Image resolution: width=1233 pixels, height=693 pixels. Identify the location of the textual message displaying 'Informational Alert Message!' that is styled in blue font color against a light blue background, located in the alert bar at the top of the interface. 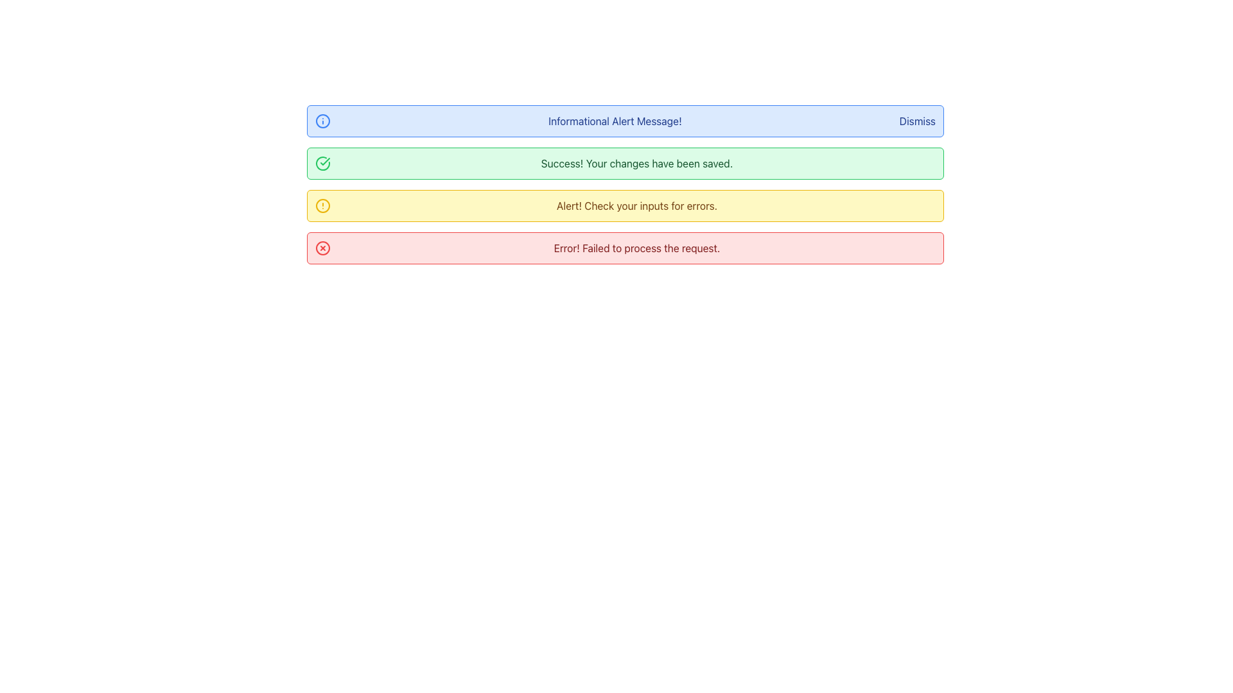
(614, 121).